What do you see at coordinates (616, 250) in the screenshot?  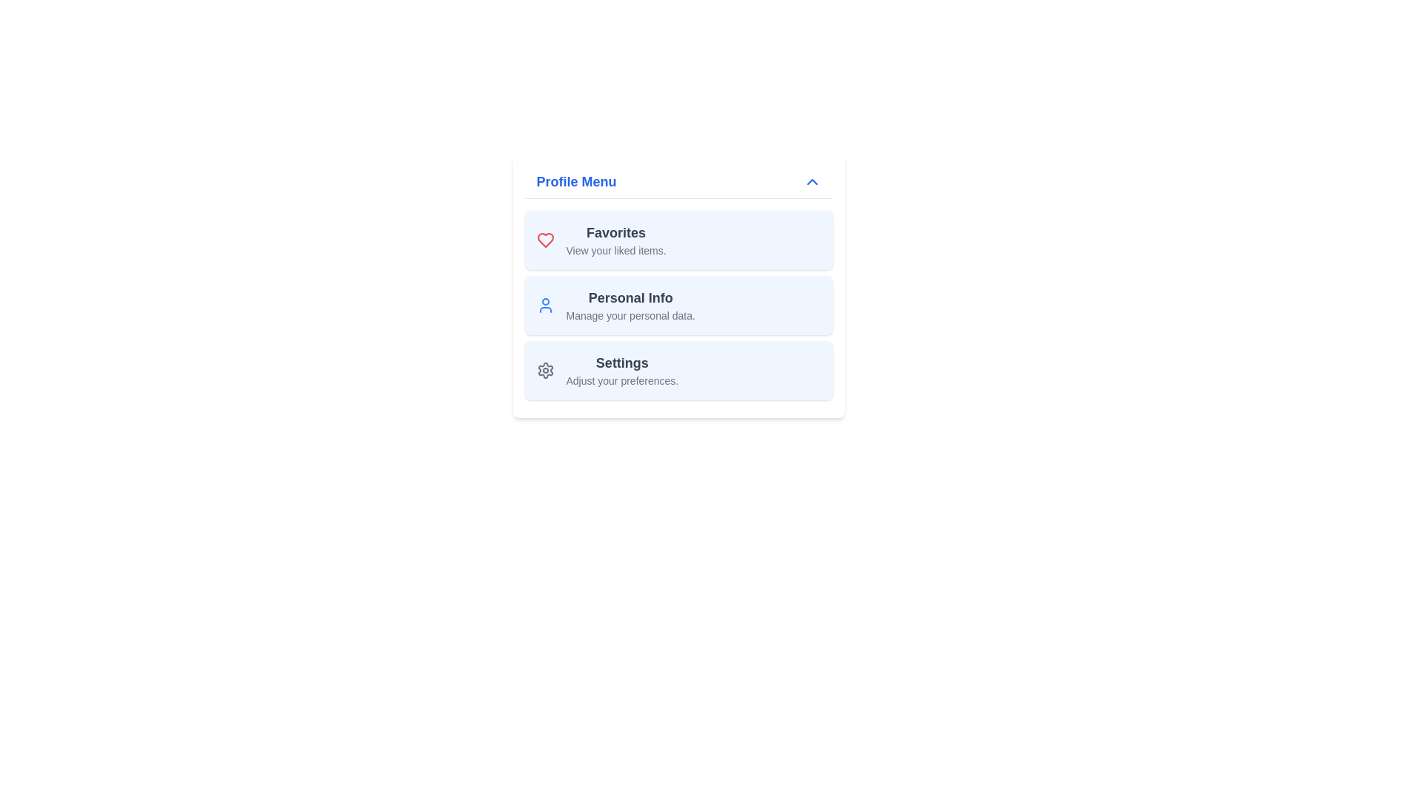 I see `the descriptive text label that clarifies the 'Favorites' section in the profile menu interface, located directly below the 'Favorites' label` at bounding box center [616, 250].